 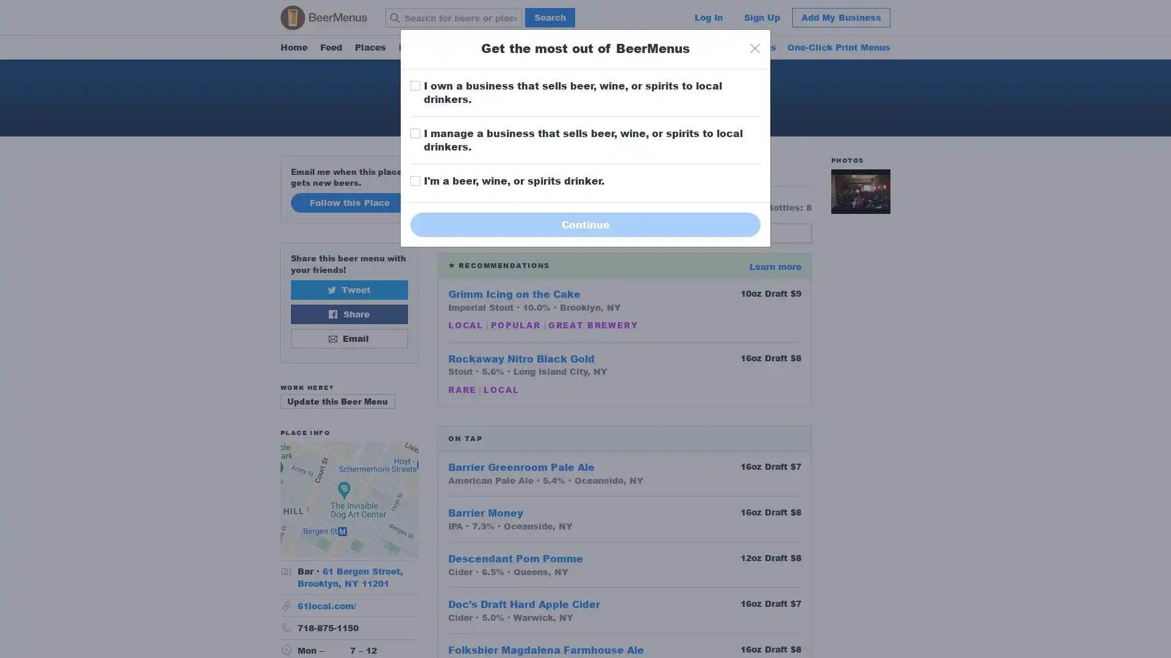 What do you see at coordinates (754, 48) in the screenshot?
I see `Close` at bounding box center [754, 48].